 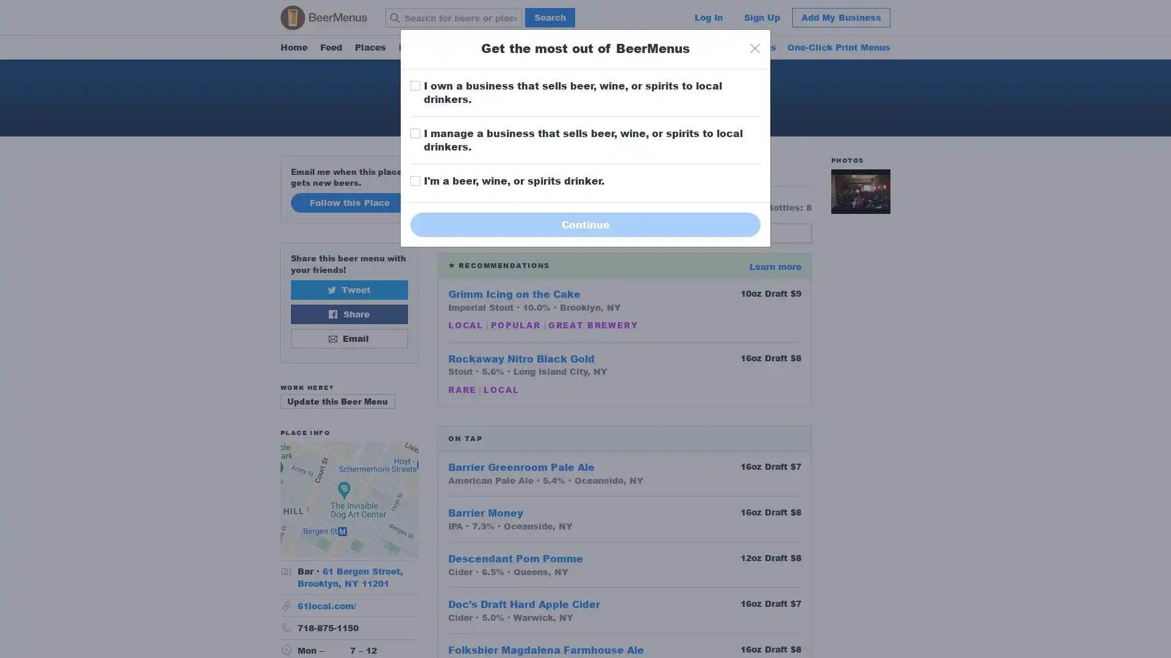 What do you see at coordinates (754, 48) in the screenshot?
I see `Close` at bounding box center [754, 48].